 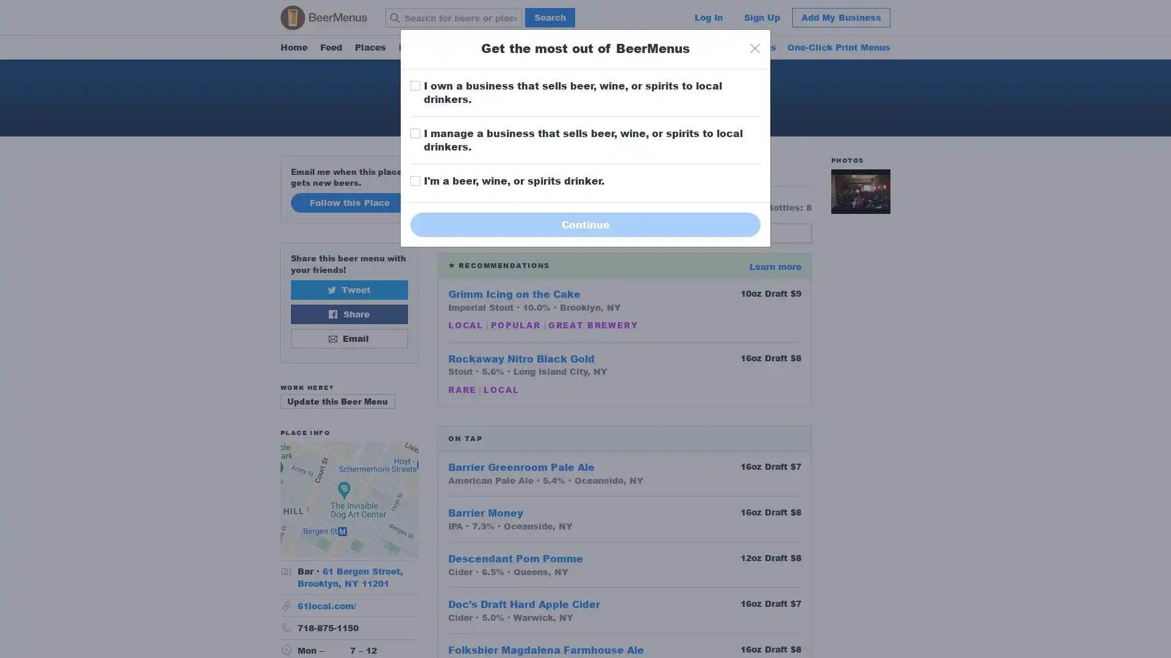 What do you see at coordinates (754, 48) in the screenshot?
I see `Close` at bounding box center [754, 48].